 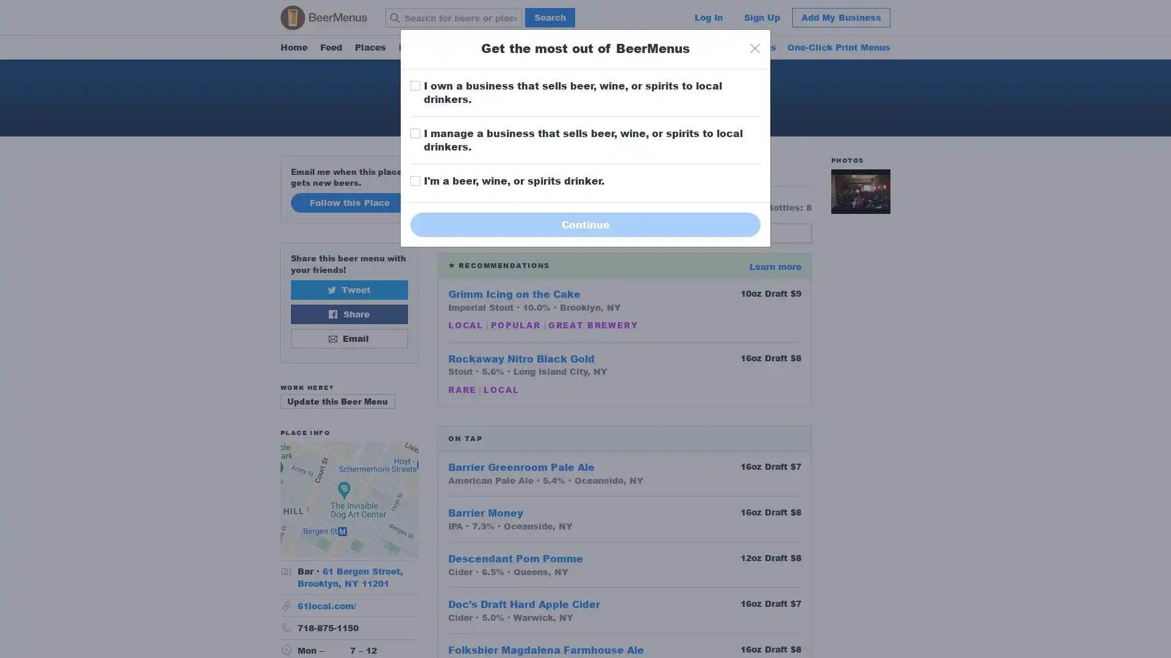 What do you see at coordinates (754, 48) in the screenshot?
I see `Close` at bounding box center [754, 48].